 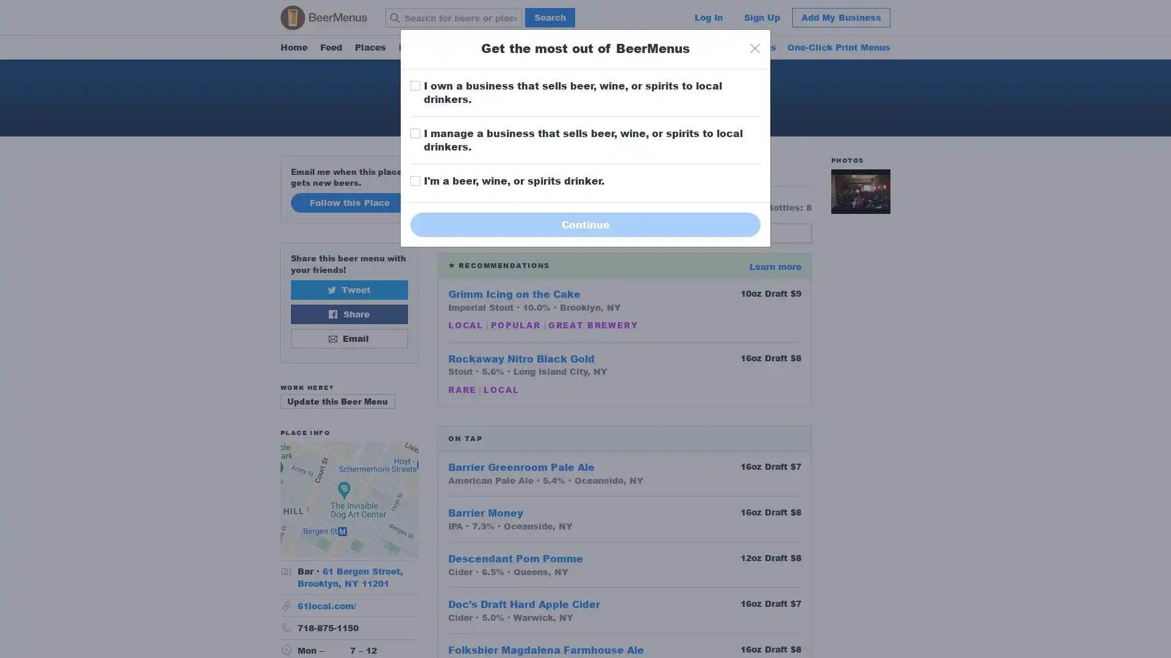 What do you see at coordinates (754, 48) in the screenshot?
I see `Close` at bounding box center [754, 48].